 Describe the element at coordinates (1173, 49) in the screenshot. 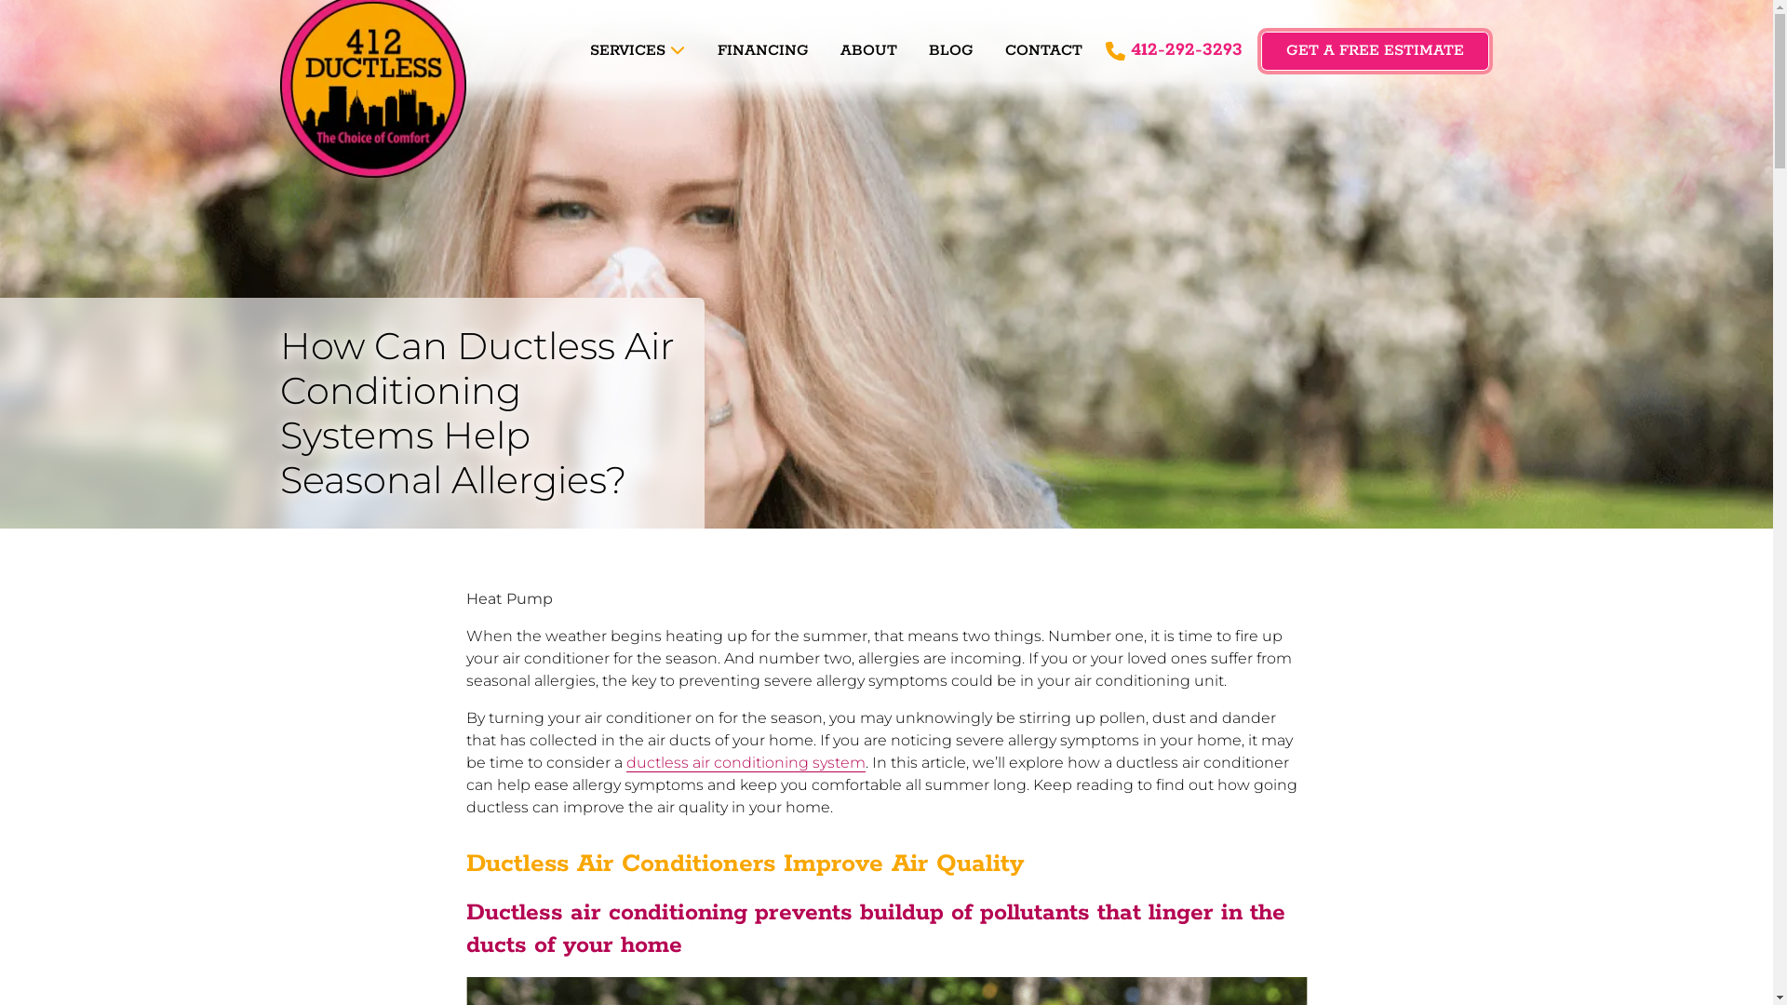

I see `'412-292-3293'` at that location.